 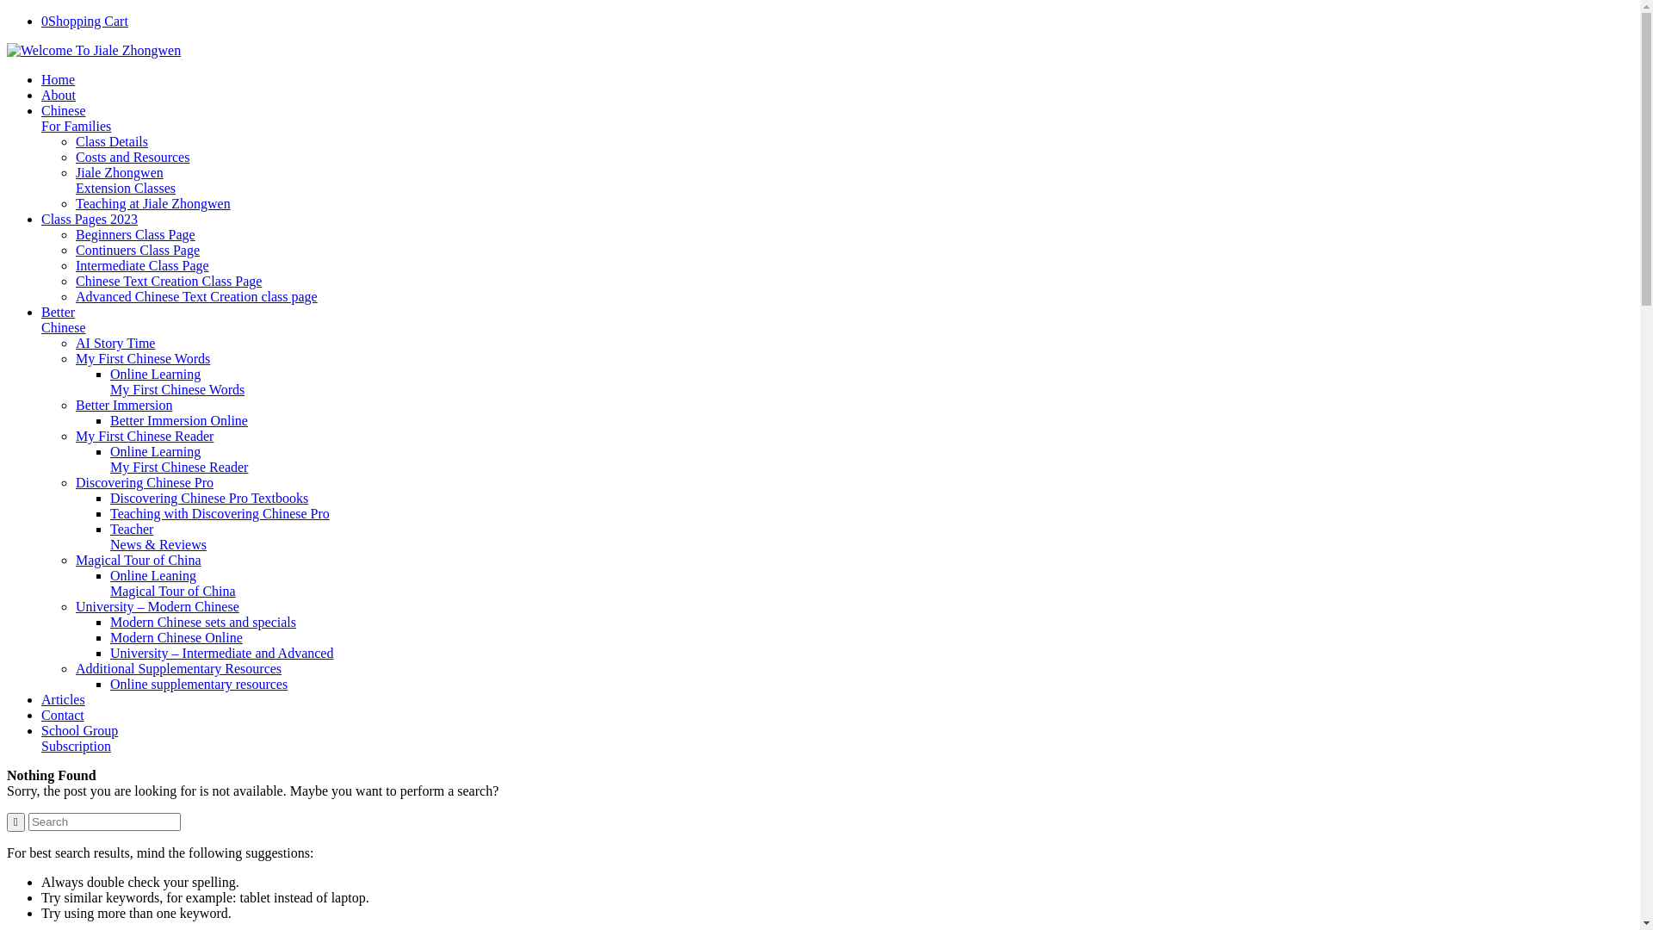 What do you see at coordinates (75, 117) in the screenshot?
I see `'Chinese` at bounding box center [75, 117].